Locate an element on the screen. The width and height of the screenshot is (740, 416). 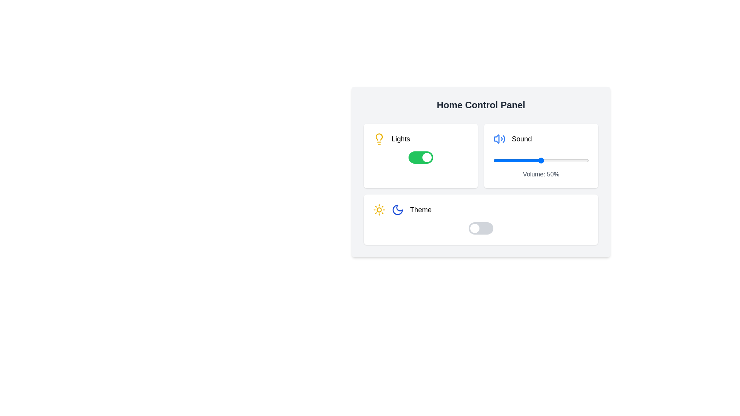
the sun icon graphic located in the 'Theme' section of the control panel interface, which features a bright yellow circular center with rays, positioned above the text 'Theme.' is located at coordinates (379, 210).